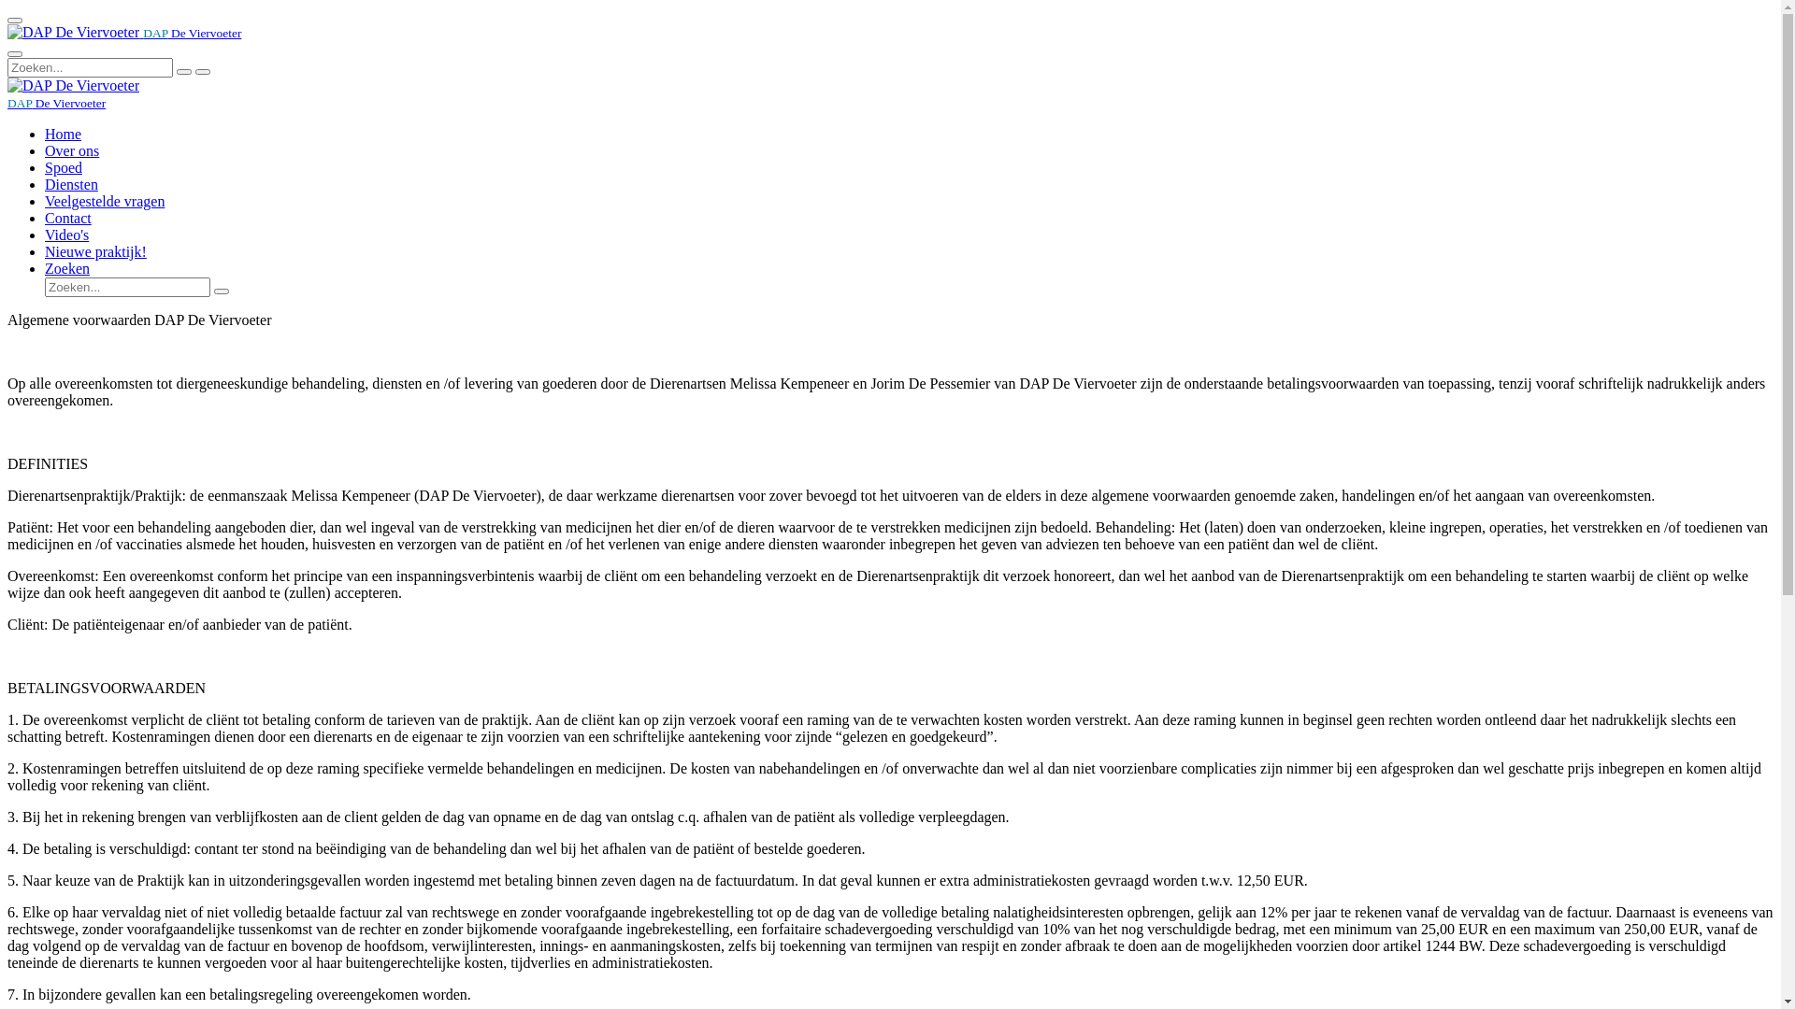  What do you see at coordinates (73, 32) in the screenshot?
I see `'DAP De Viervoeter'` at bounding box center [73, 32].